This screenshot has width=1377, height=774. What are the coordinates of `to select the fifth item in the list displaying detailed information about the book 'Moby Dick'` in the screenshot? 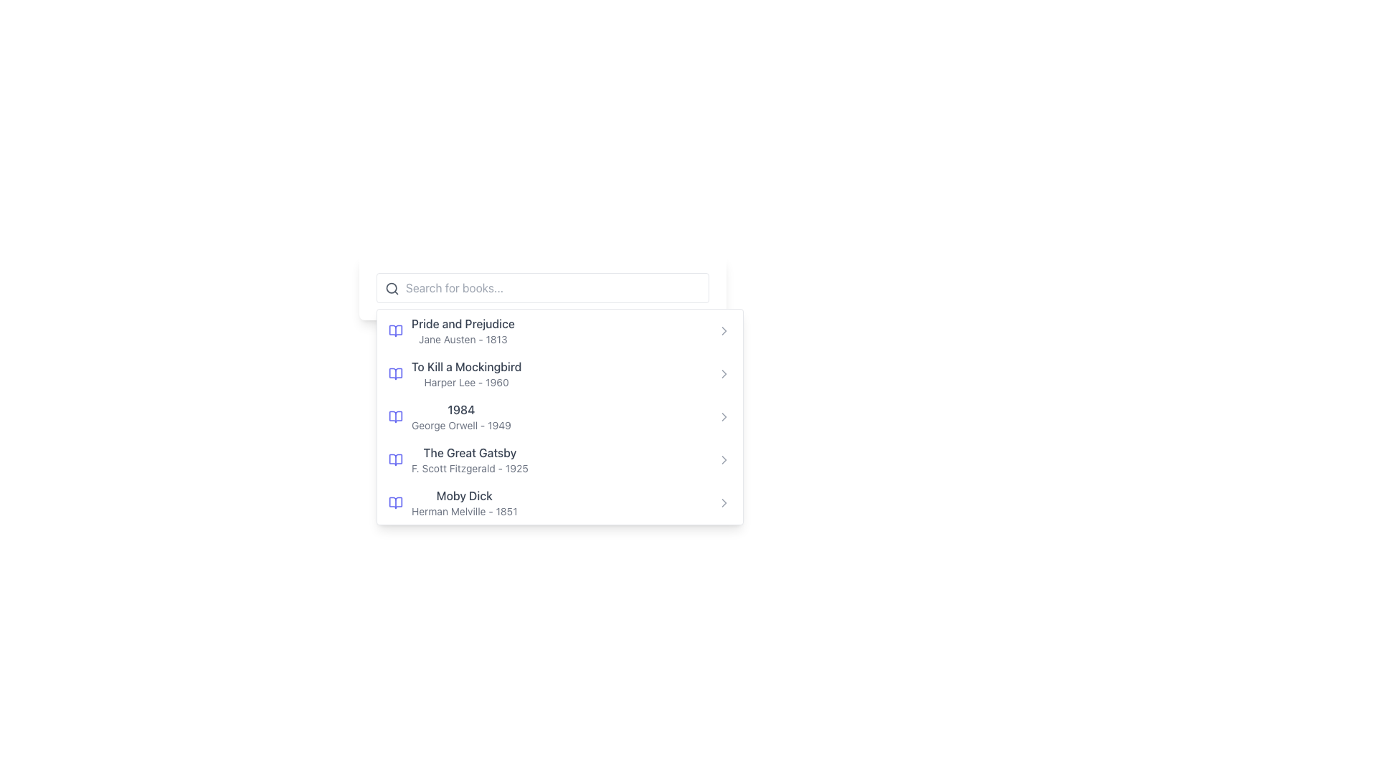 It's located at (452, 502).